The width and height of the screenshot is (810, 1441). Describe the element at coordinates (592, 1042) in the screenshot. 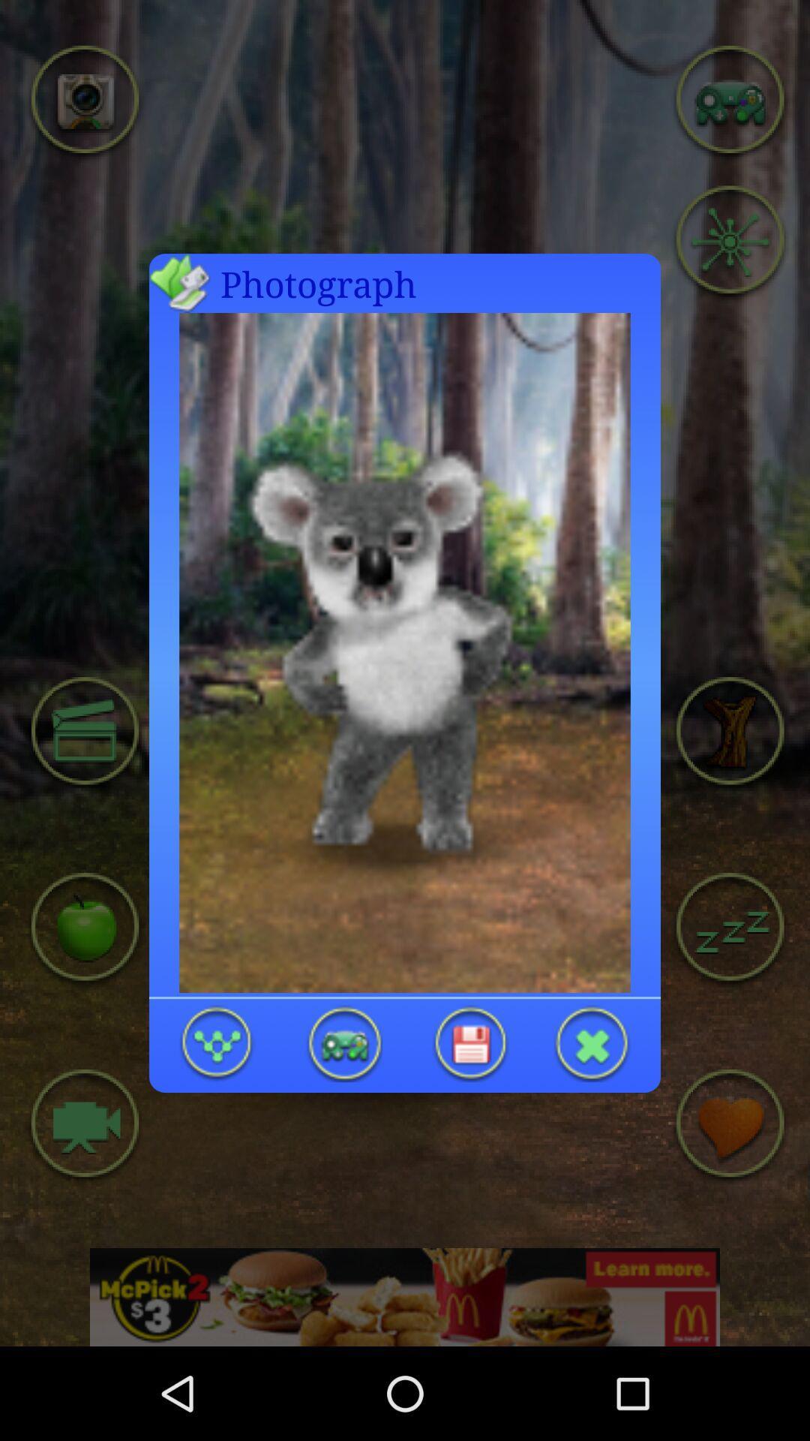

I see `icon at the bottom right corner` at that location.